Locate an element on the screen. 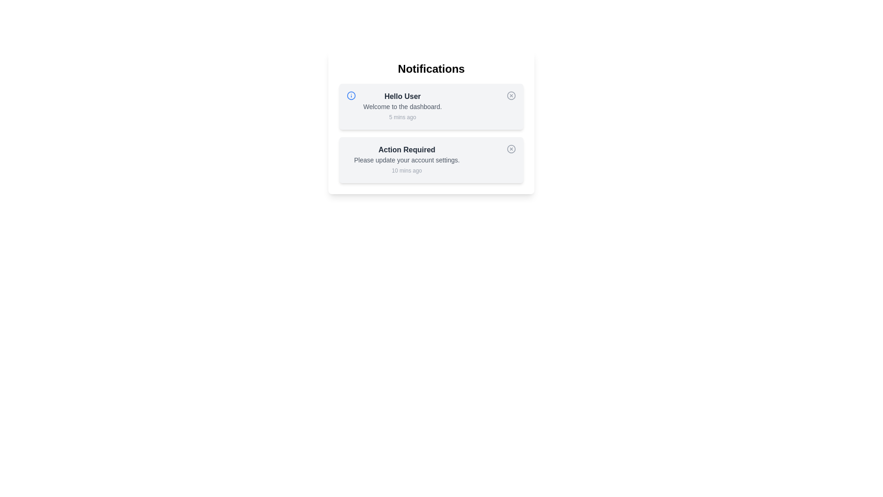  the informational icon located at the upper-left corner of the first notification card next to the text 'Hello User' is located at coordinates (350, 96).